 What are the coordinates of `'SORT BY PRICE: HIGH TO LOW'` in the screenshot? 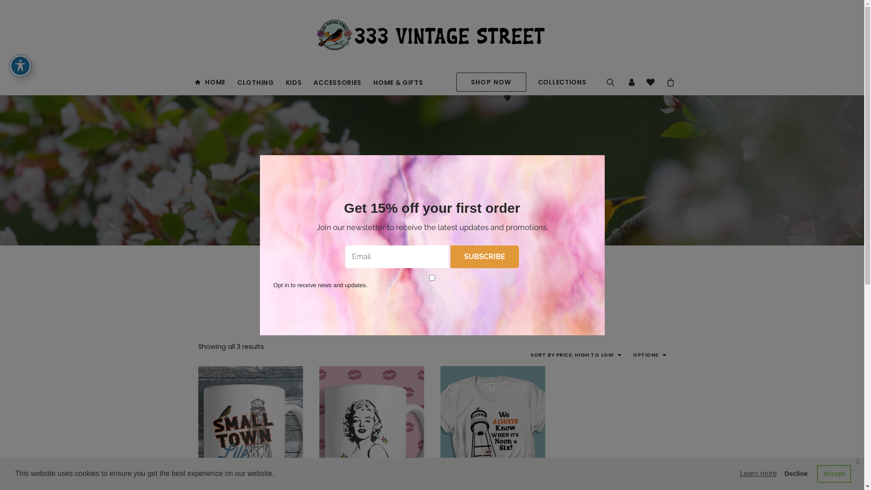 It's located at (530, 354).